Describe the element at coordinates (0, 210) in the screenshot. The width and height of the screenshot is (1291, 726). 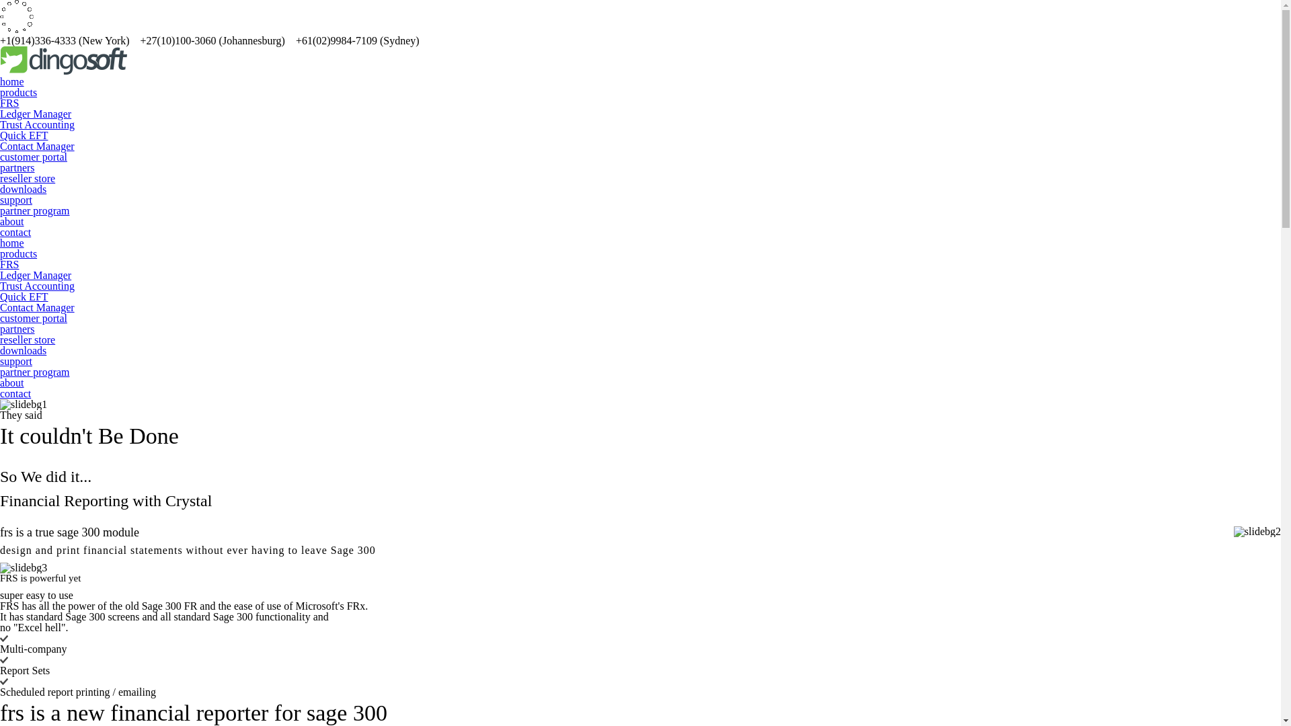
I see `'partner program'` at that location.